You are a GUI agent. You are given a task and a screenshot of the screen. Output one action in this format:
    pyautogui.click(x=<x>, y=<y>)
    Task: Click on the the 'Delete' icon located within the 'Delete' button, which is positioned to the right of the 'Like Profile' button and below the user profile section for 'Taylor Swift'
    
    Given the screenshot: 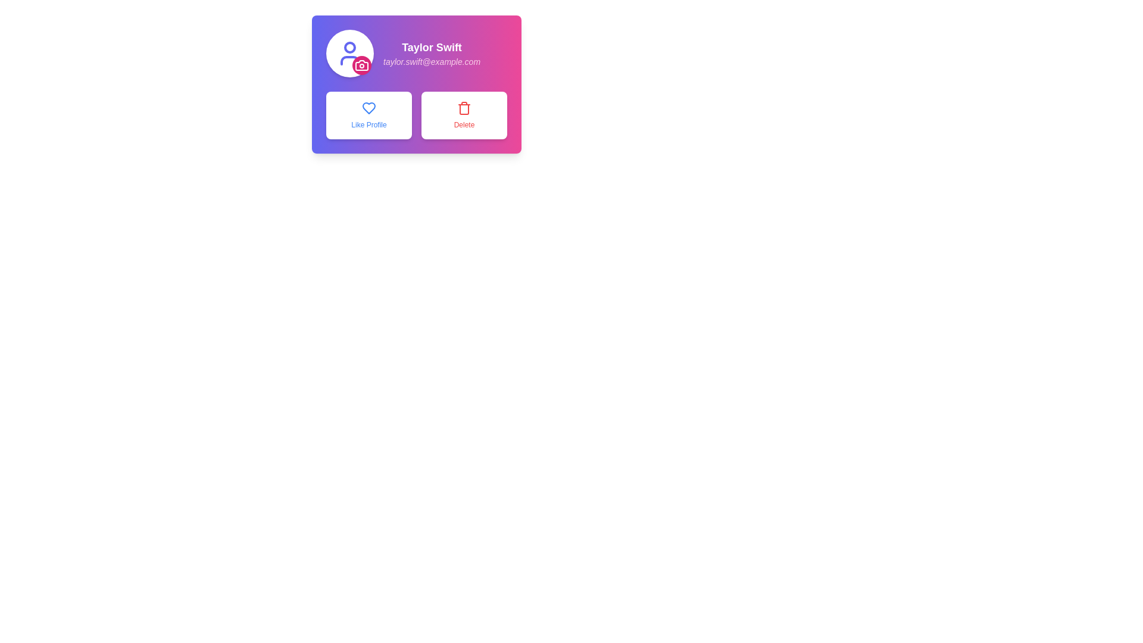 What is the action you would take?
    pyautogui.click(x=463, y=108)
    